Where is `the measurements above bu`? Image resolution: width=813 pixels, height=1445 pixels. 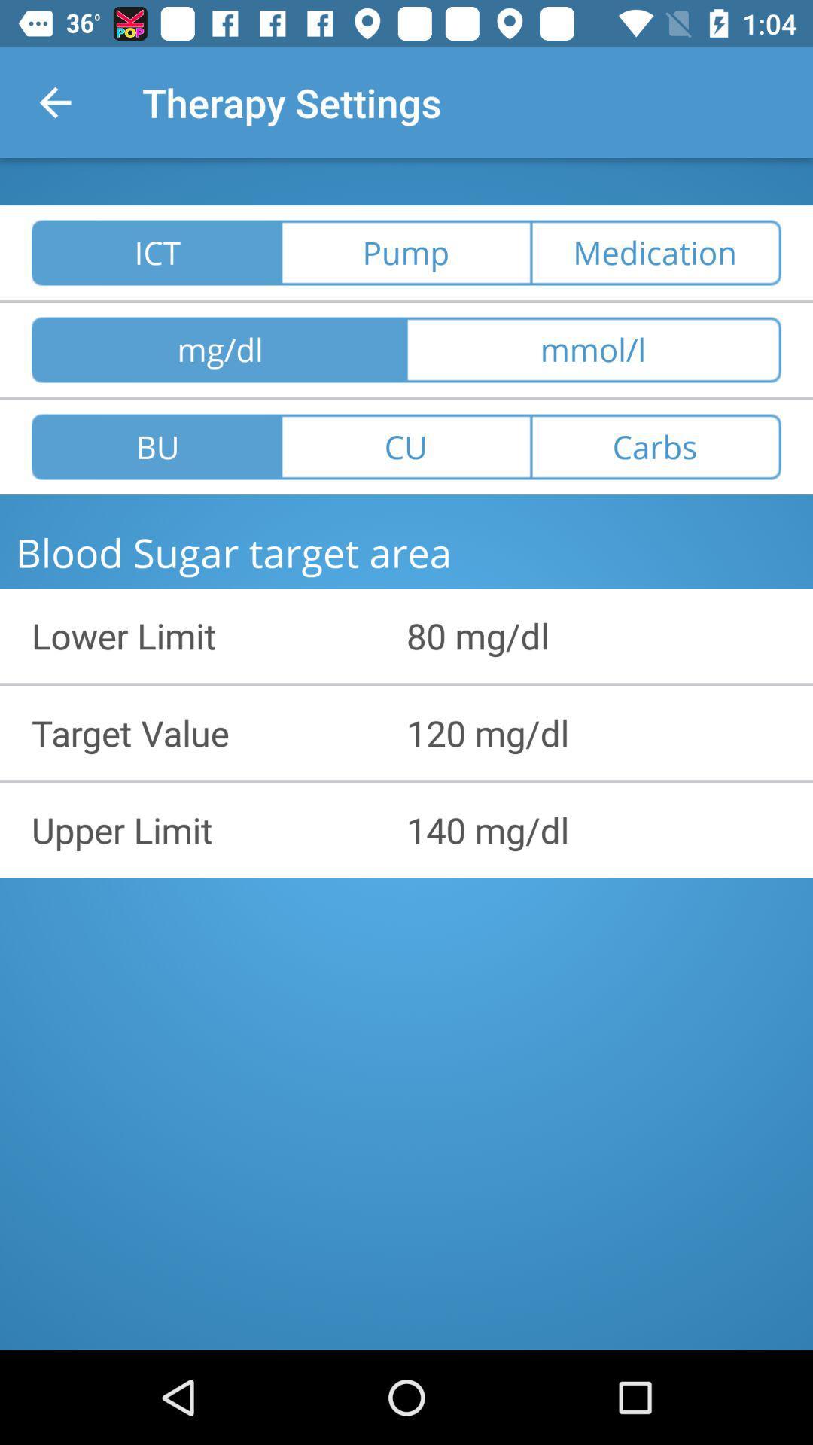 the measurements above bu is located at coordinates (218, 349).